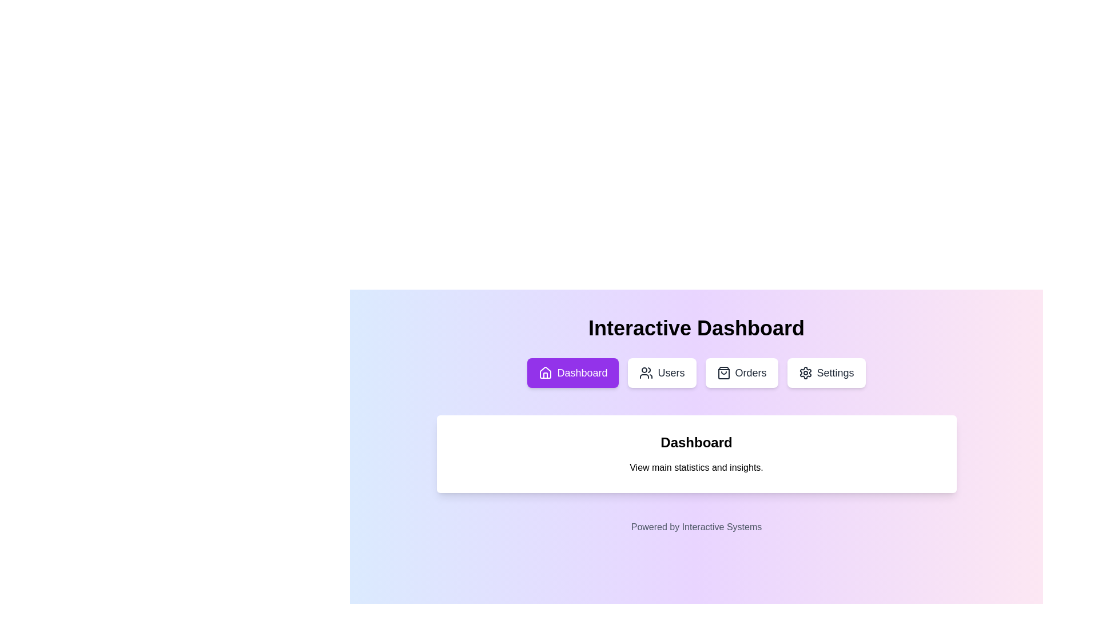 The width and height of the screenshot is (1098, 617). I want to click on the 'Orders' button, which is the third button in a row of four at the top-center of the interface, so click(741, 372).